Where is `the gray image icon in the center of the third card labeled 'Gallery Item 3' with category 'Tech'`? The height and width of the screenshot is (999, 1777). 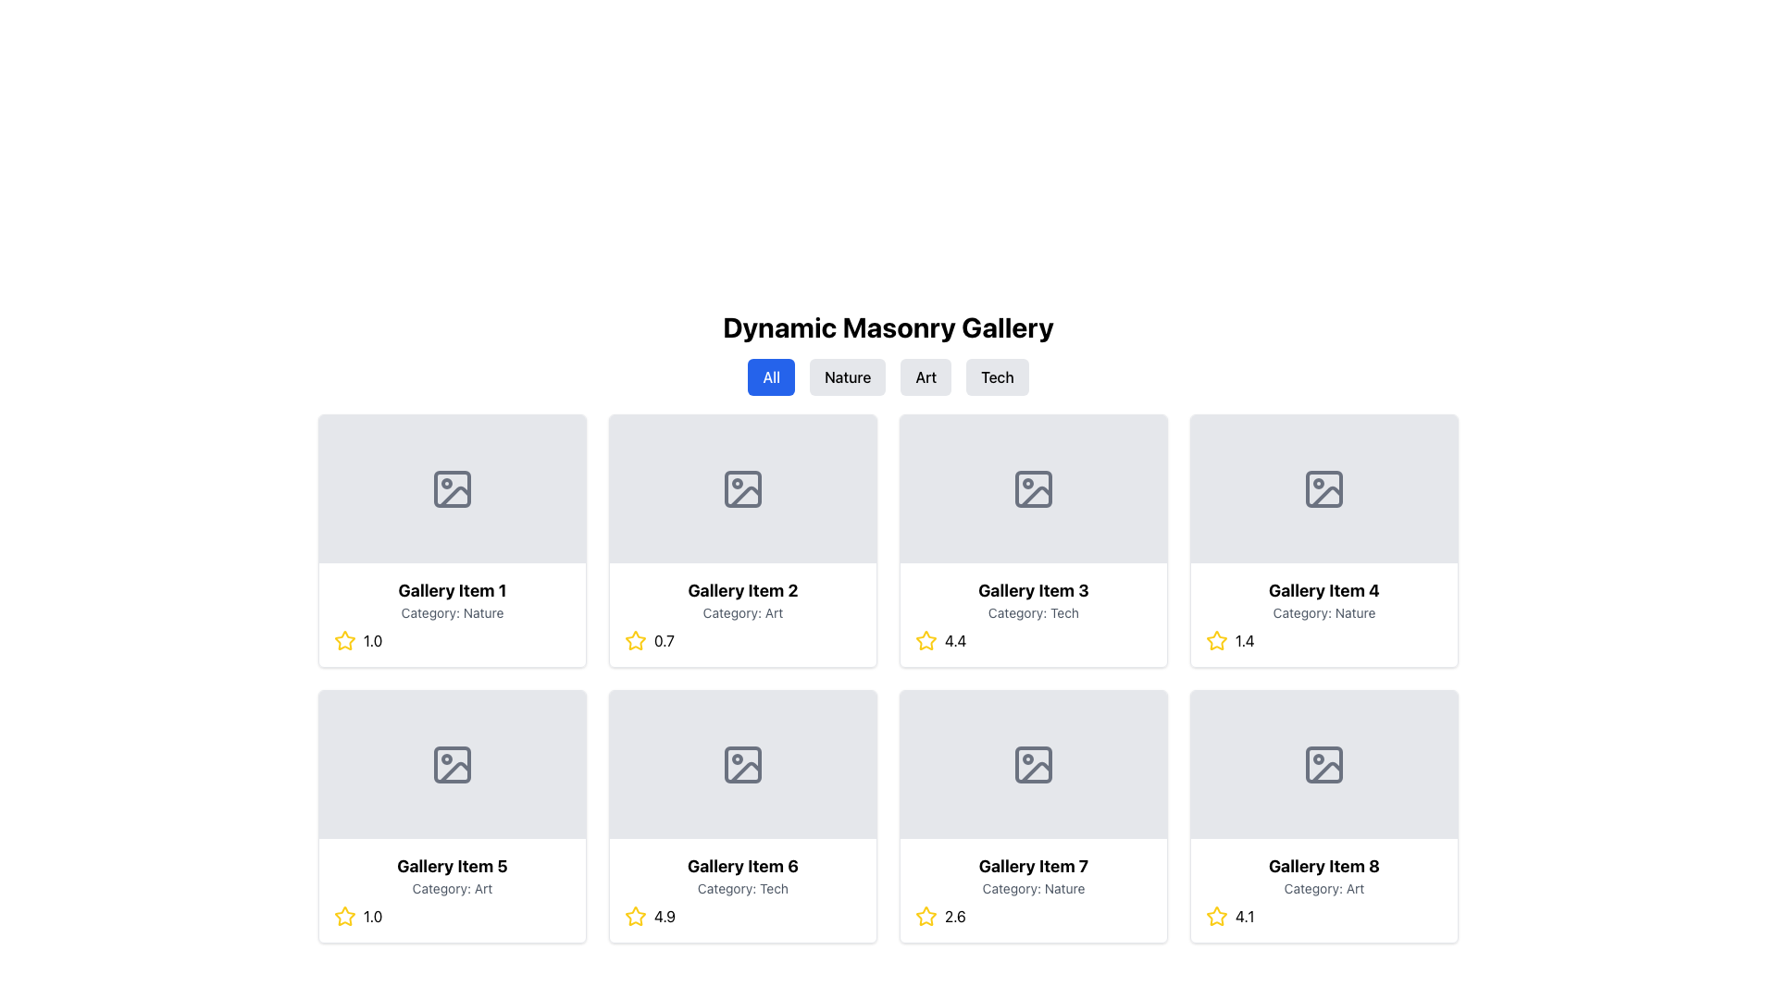
the gray image icon in the center of the third card labeled 'Gallery Item 3' with category 'Tech' is located at coordinates (1033, 487).